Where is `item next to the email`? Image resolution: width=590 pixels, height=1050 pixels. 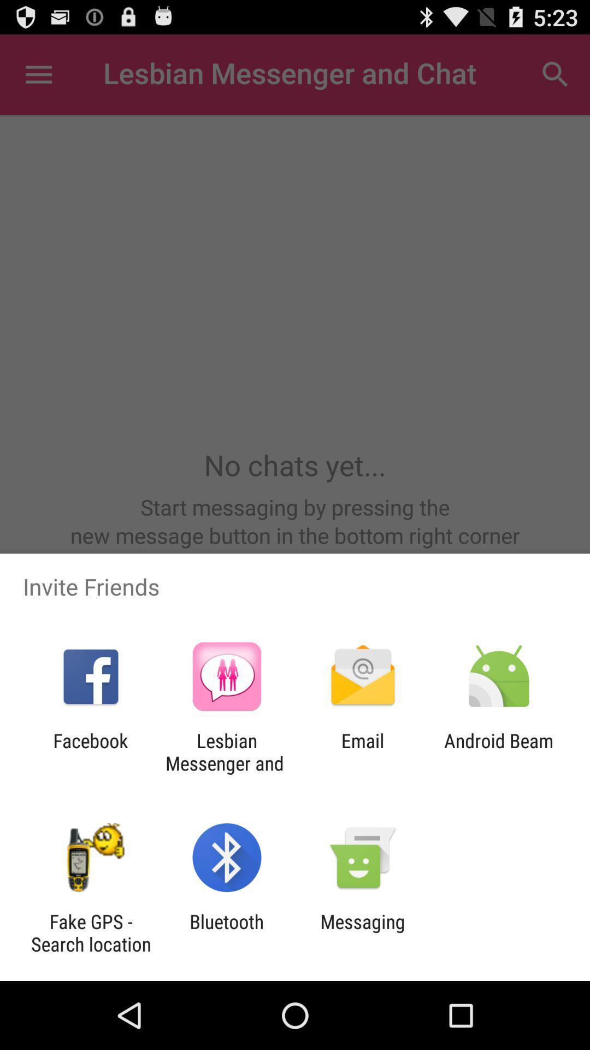 item next to the email is located at coordinates (226, 751).